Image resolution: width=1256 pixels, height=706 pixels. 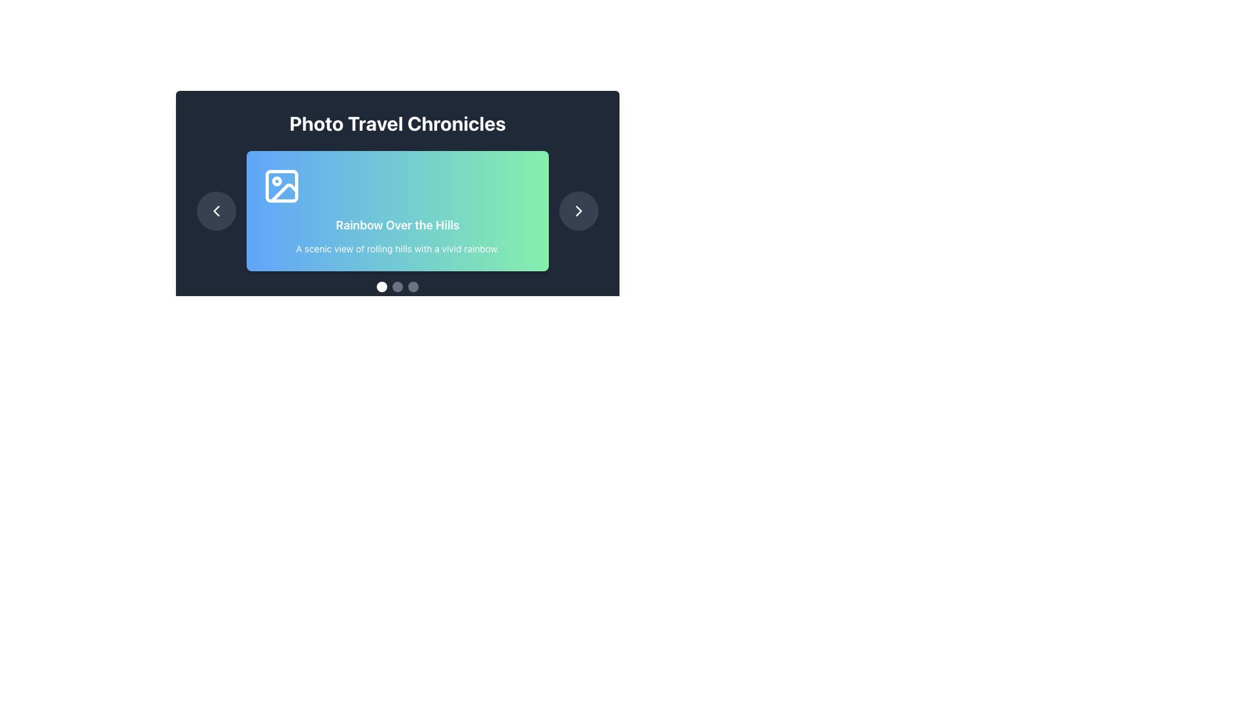 I want to click on the first Carousel Indicator, so click(x=381, y=286).